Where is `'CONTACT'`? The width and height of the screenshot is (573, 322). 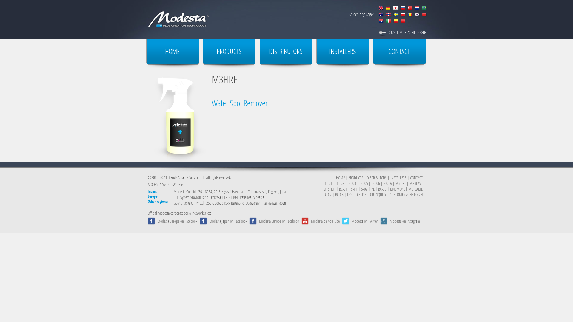 'CONTACT' is located at coordinates (399, 53).